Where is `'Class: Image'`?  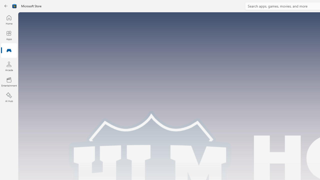
'Class: Image' is located at coordinates (14, 6).